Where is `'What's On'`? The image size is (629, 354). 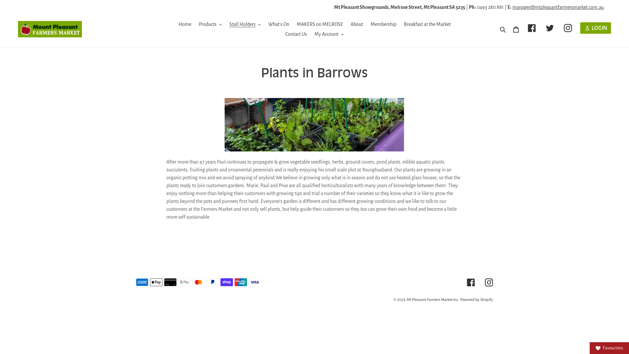 'What's On' is located at coordinates (264, 24).